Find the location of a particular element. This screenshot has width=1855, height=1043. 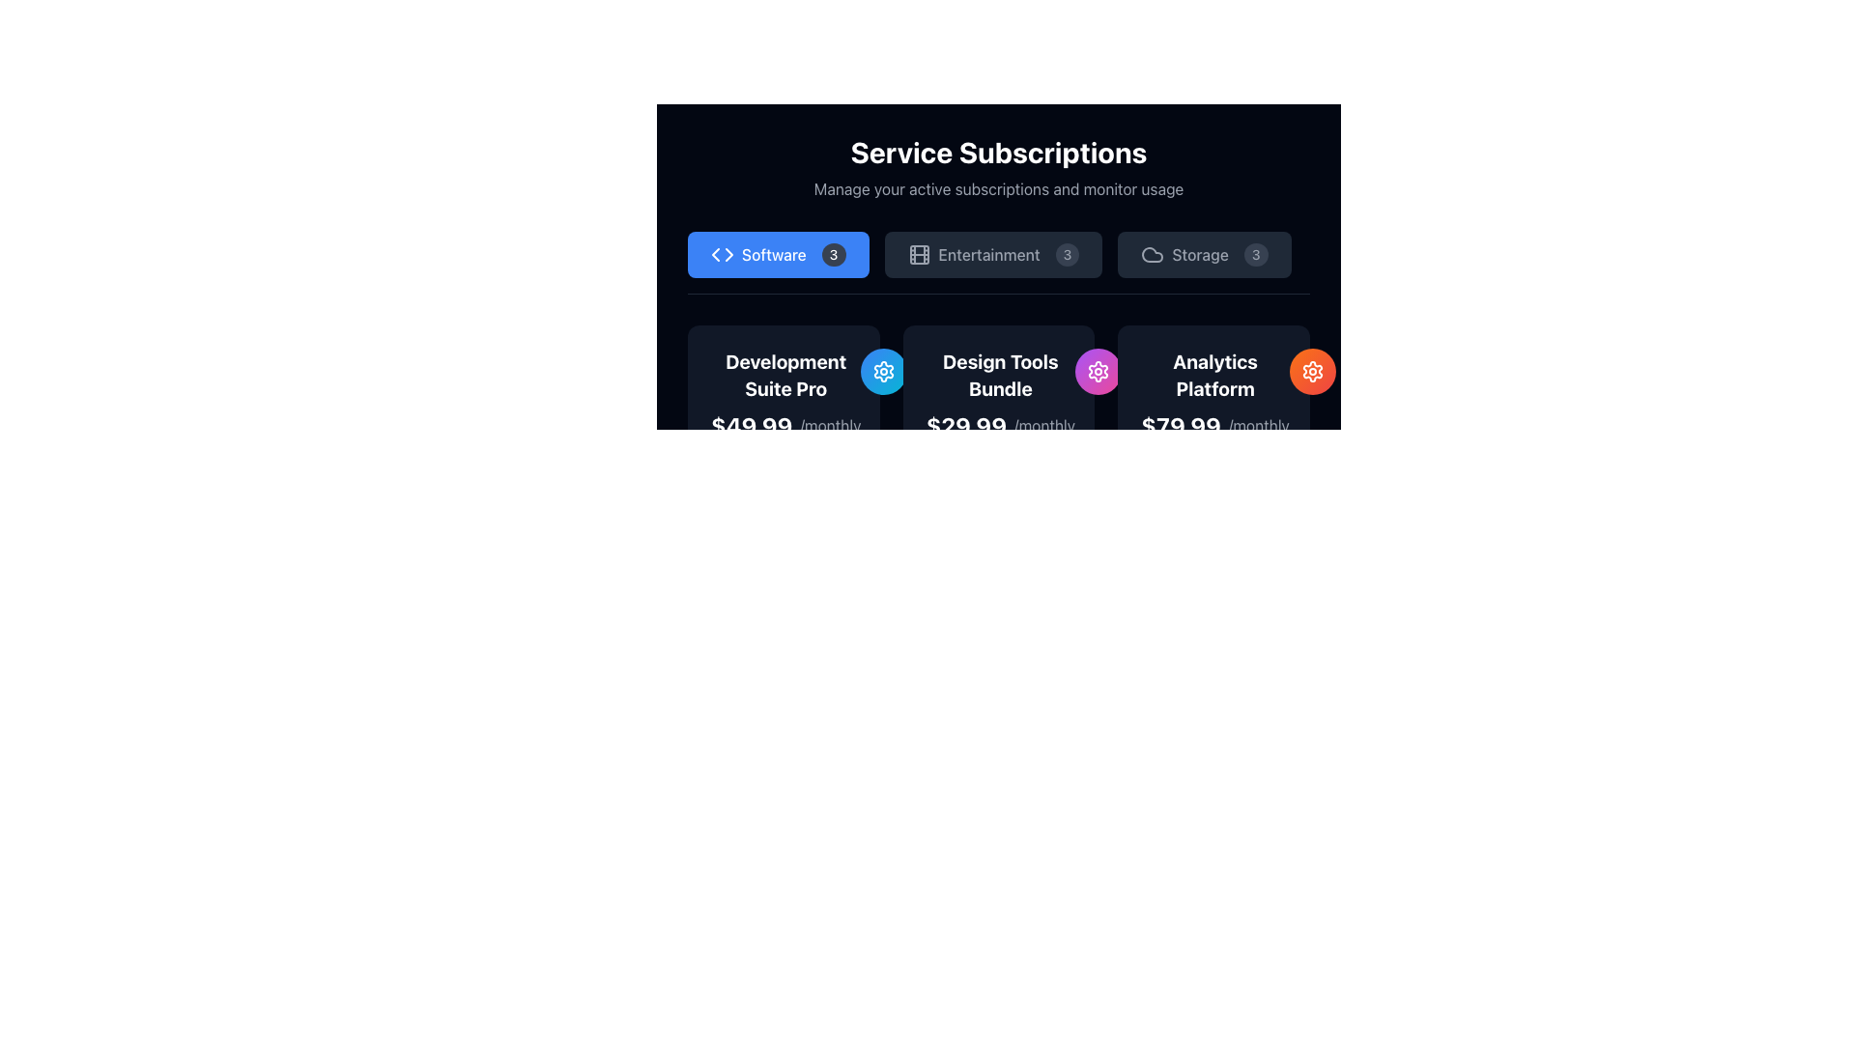

the value displayed on the Badge indicating the number of items or notifications related to 'Software', located at the far right adjacent to the text 'Software' is located at coordinates (834, 253).